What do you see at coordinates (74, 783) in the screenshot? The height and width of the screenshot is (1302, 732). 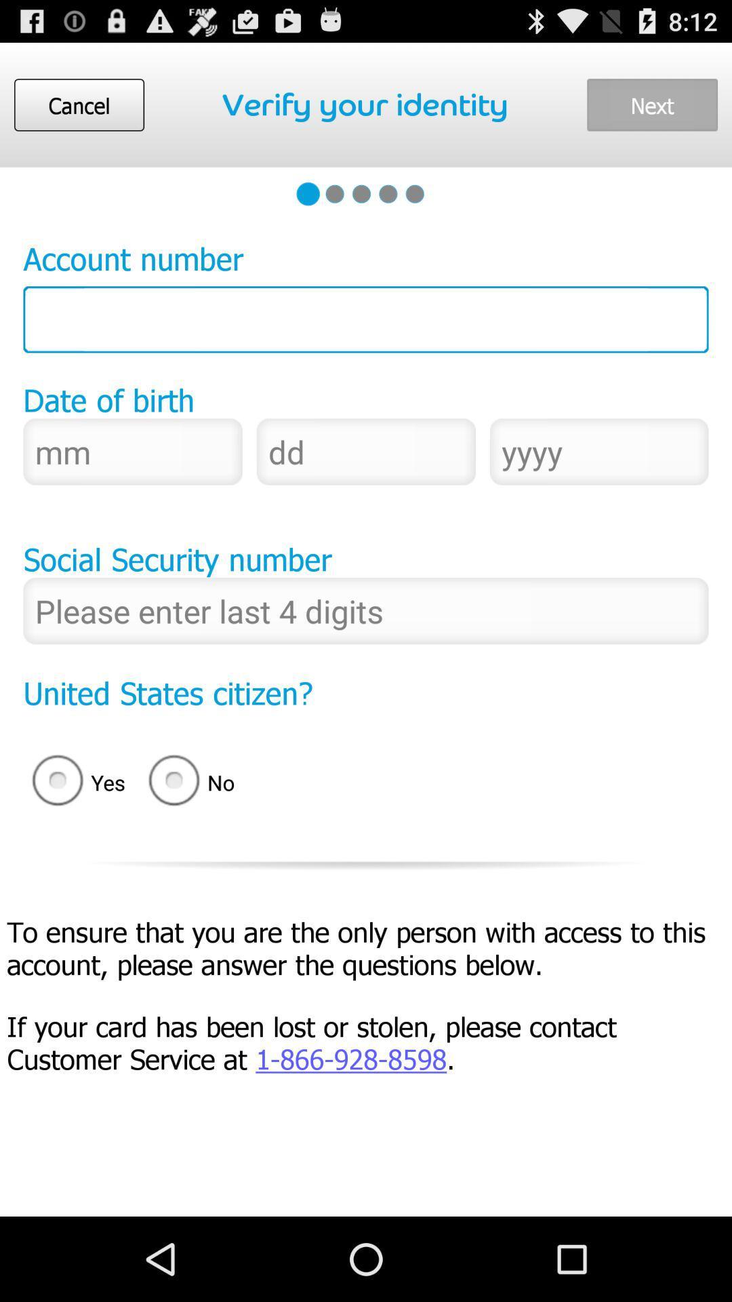 I see `the item to the left of the no item` at bounding box center [74, 783].